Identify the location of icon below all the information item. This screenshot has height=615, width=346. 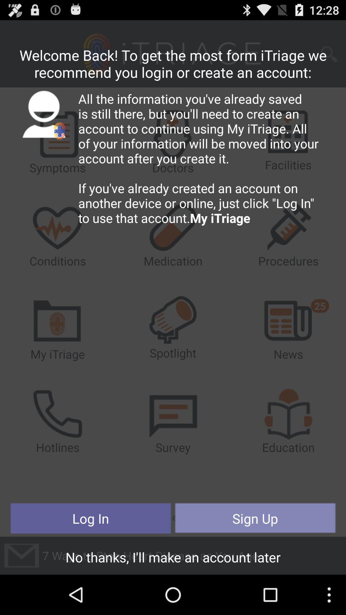
(91, 518).